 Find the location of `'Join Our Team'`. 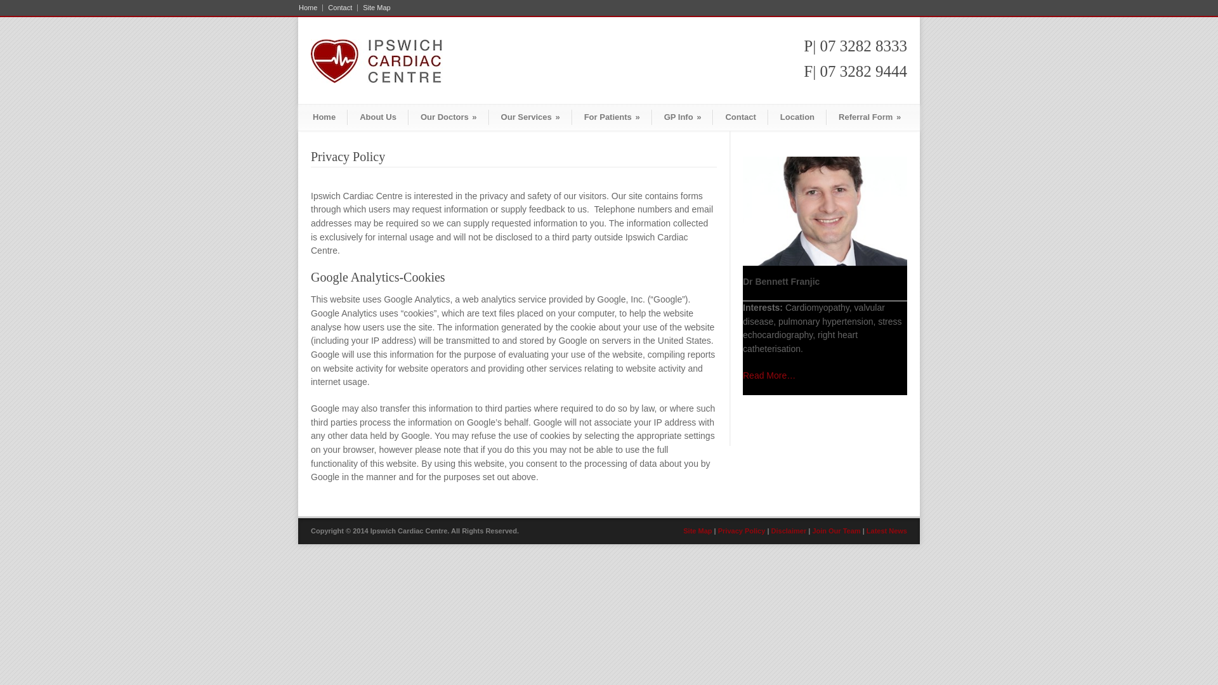

'Join Our Team' is located at coordinates (836, 531).